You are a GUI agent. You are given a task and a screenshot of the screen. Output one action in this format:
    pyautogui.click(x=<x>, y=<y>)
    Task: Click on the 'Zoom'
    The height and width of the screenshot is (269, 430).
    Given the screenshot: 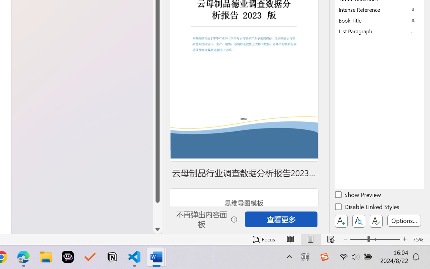 What is the action you would take?
    pyautogui.click(x=375, y=239)
    